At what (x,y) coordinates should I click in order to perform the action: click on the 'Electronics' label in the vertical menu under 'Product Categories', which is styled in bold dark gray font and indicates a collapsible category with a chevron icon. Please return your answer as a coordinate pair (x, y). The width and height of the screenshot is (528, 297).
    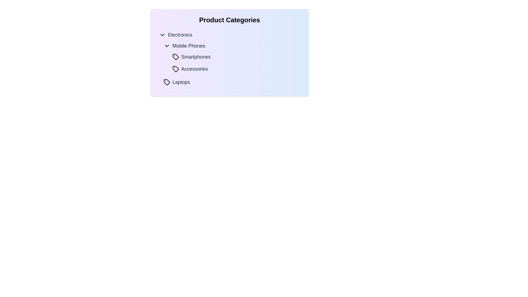
    Looking at the image, I should click on (180, 35).